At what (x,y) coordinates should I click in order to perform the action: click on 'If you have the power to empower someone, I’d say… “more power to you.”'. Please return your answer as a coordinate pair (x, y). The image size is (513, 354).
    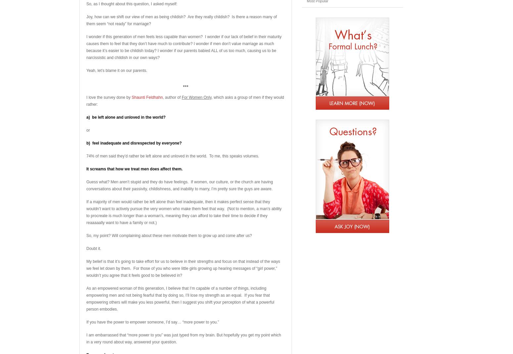
    Looking at the image, I should click on (152, 322).